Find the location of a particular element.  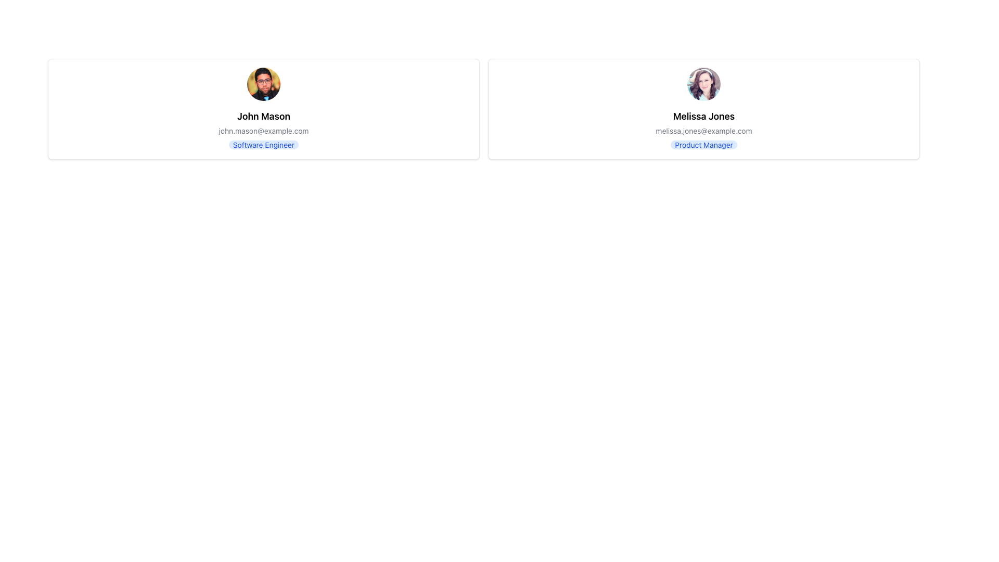

the static text element displaying the email address 'melissa.jones@example.com', which is located beneath 'Melissa Jones' and above 'Product Manager' is located at coordinates (704, 130).